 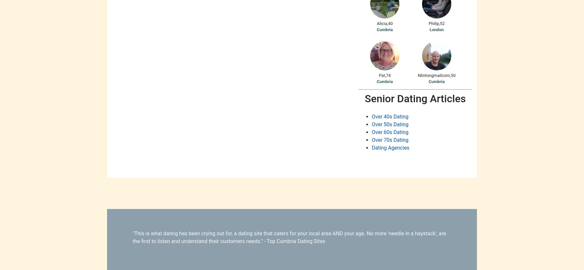 What do you see at coordinates (390, 23) in the screenshot?
I see `'40'` at bounding box center [390, 23].